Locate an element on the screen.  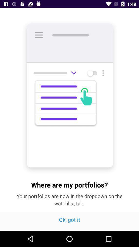
ok, got it item is located at coordinates (69, 221).